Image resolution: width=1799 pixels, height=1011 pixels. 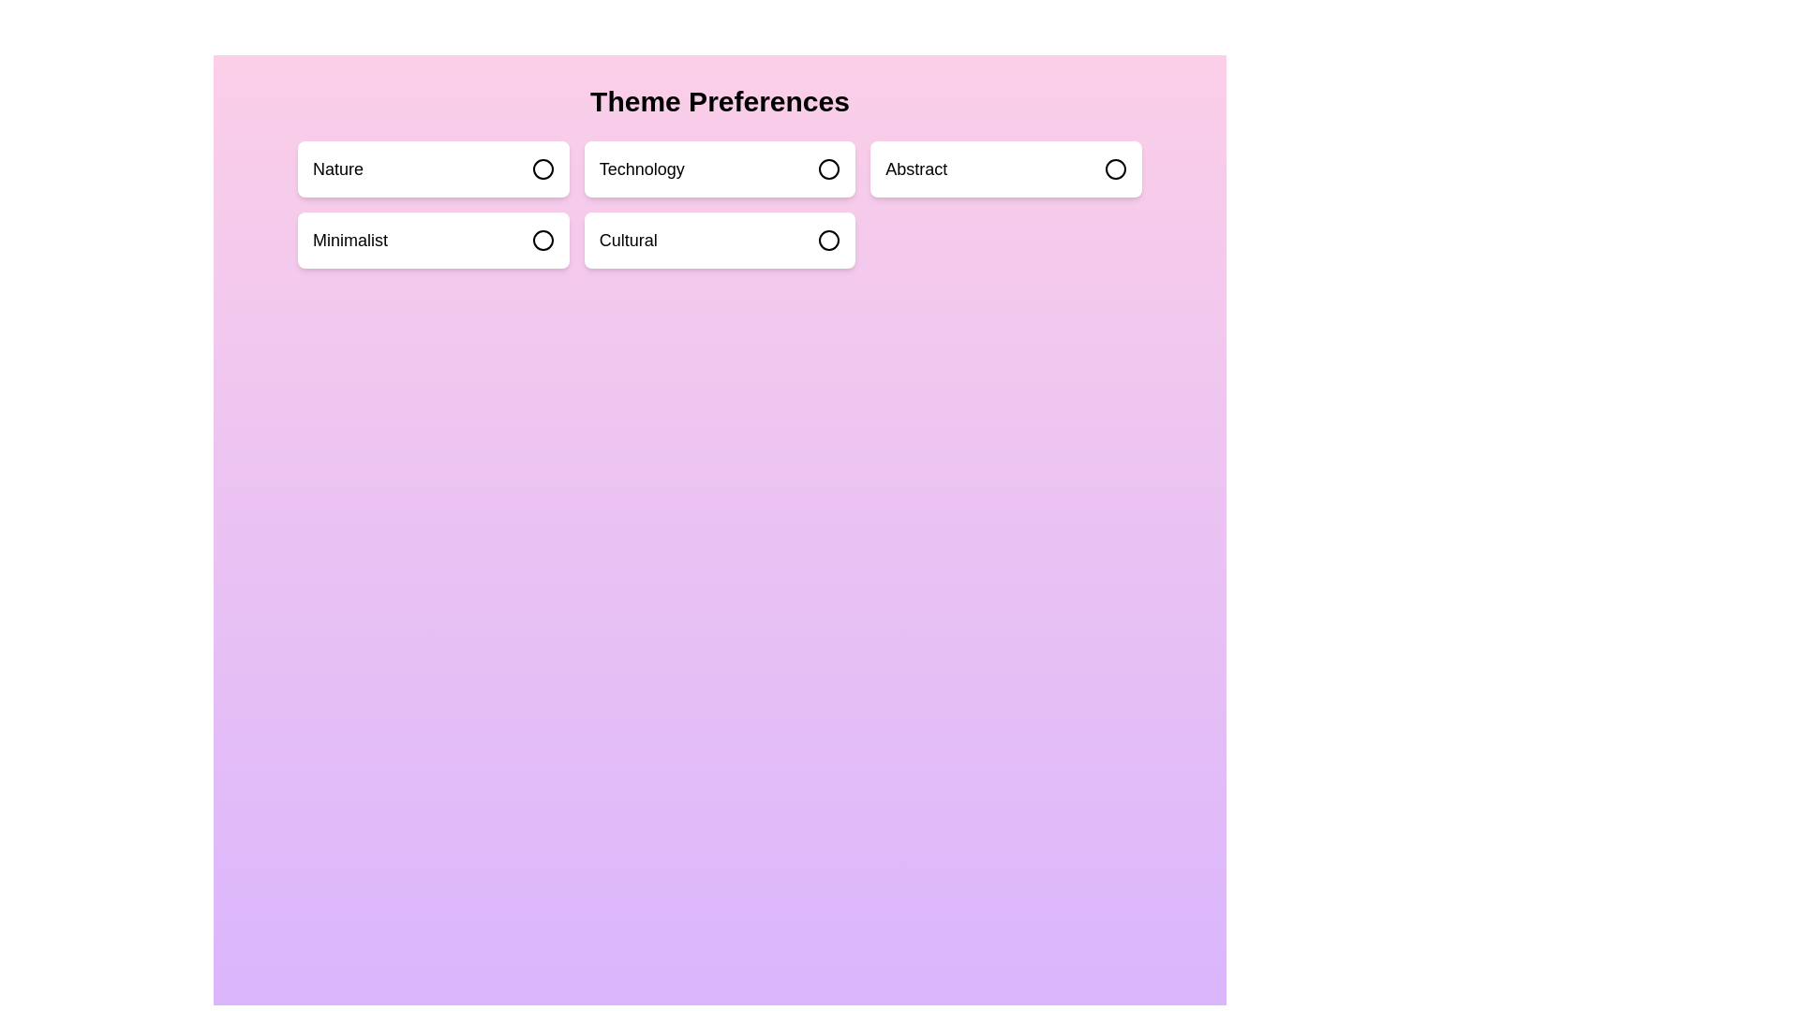 I want to click on the theme Nature, so click(x=432, y=169).